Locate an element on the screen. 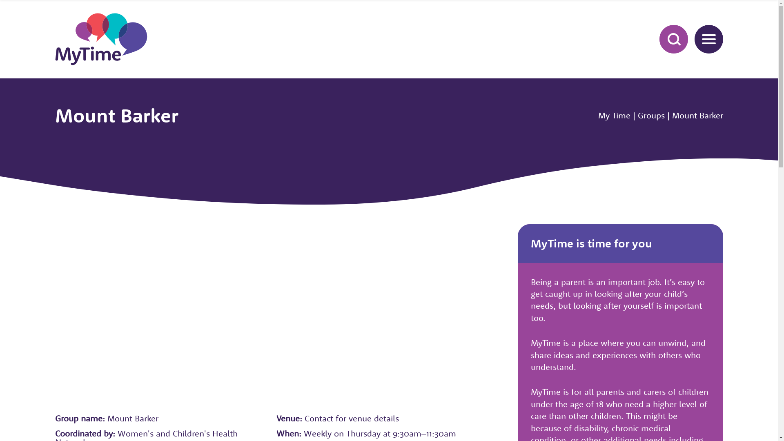  'Groups' is located at coordinates (650, 115).